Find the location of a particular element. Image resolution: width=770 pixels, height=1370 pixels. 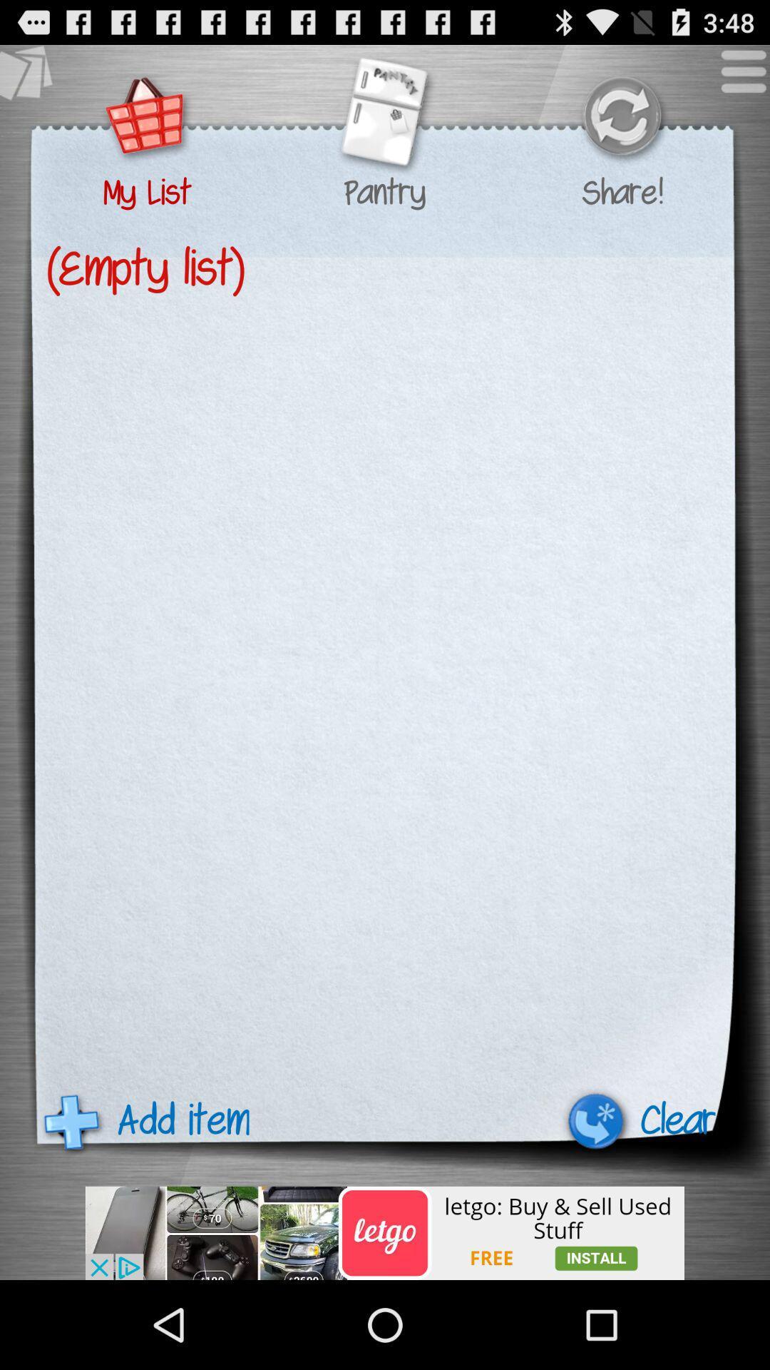

share is located at coordinates (621, 118).